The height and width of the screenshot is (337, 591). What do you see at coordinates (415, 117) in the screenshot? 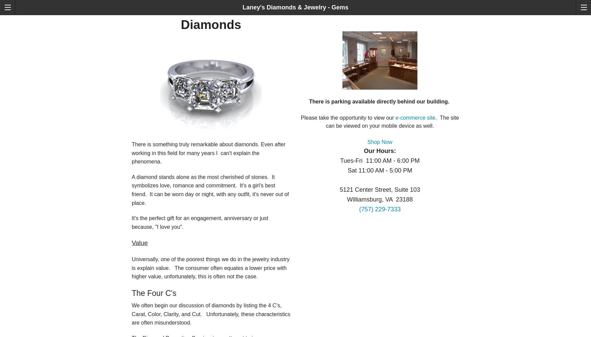
I see `'e-commerce site'` at bounding box center [415, 117].